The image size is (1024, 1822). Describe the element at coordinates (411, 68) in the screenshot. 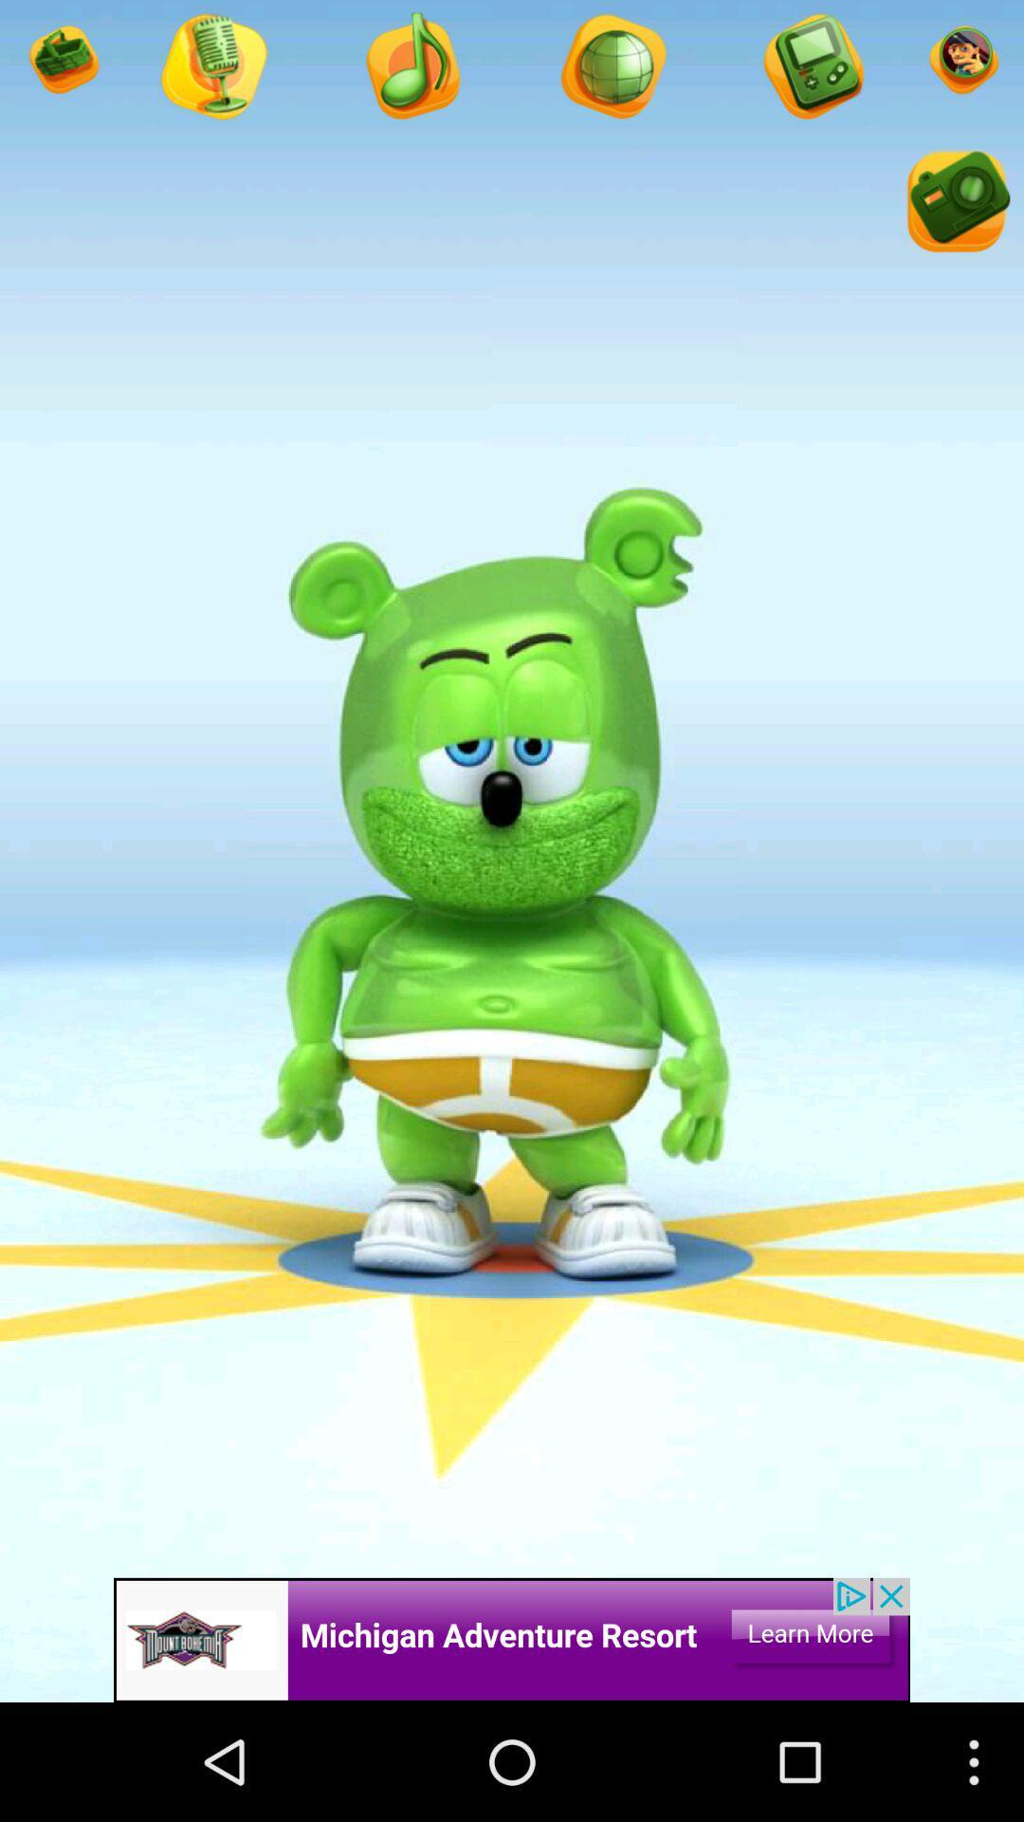

I see `music` at that location.